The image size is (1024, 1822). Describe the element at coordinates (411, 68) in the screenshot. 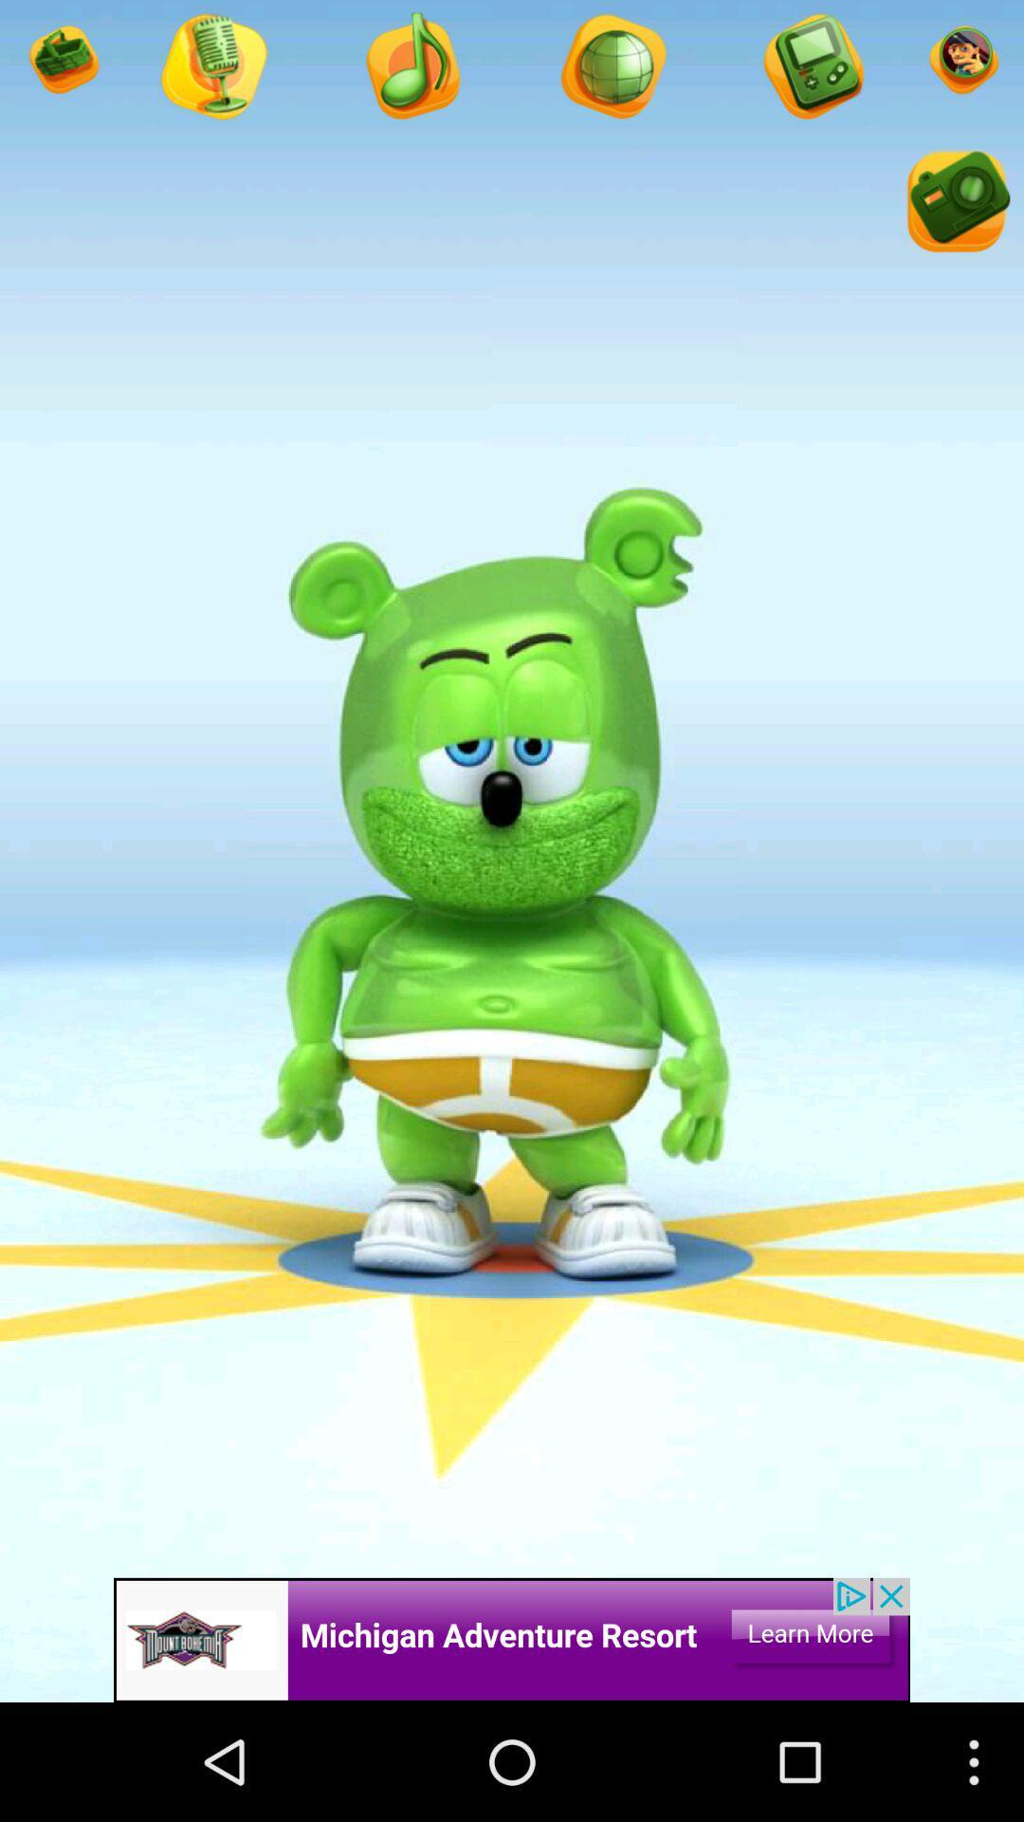

I see `music` at that location.